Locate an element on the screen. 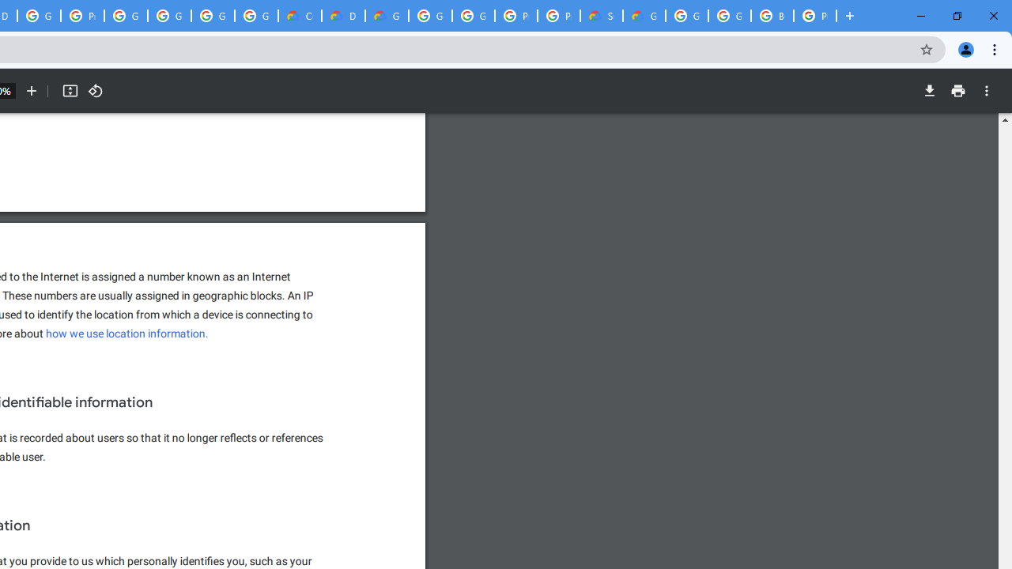 The image size is (1012, 569). 'Google Cloud Service Health' is located at coordinates (644, 16).